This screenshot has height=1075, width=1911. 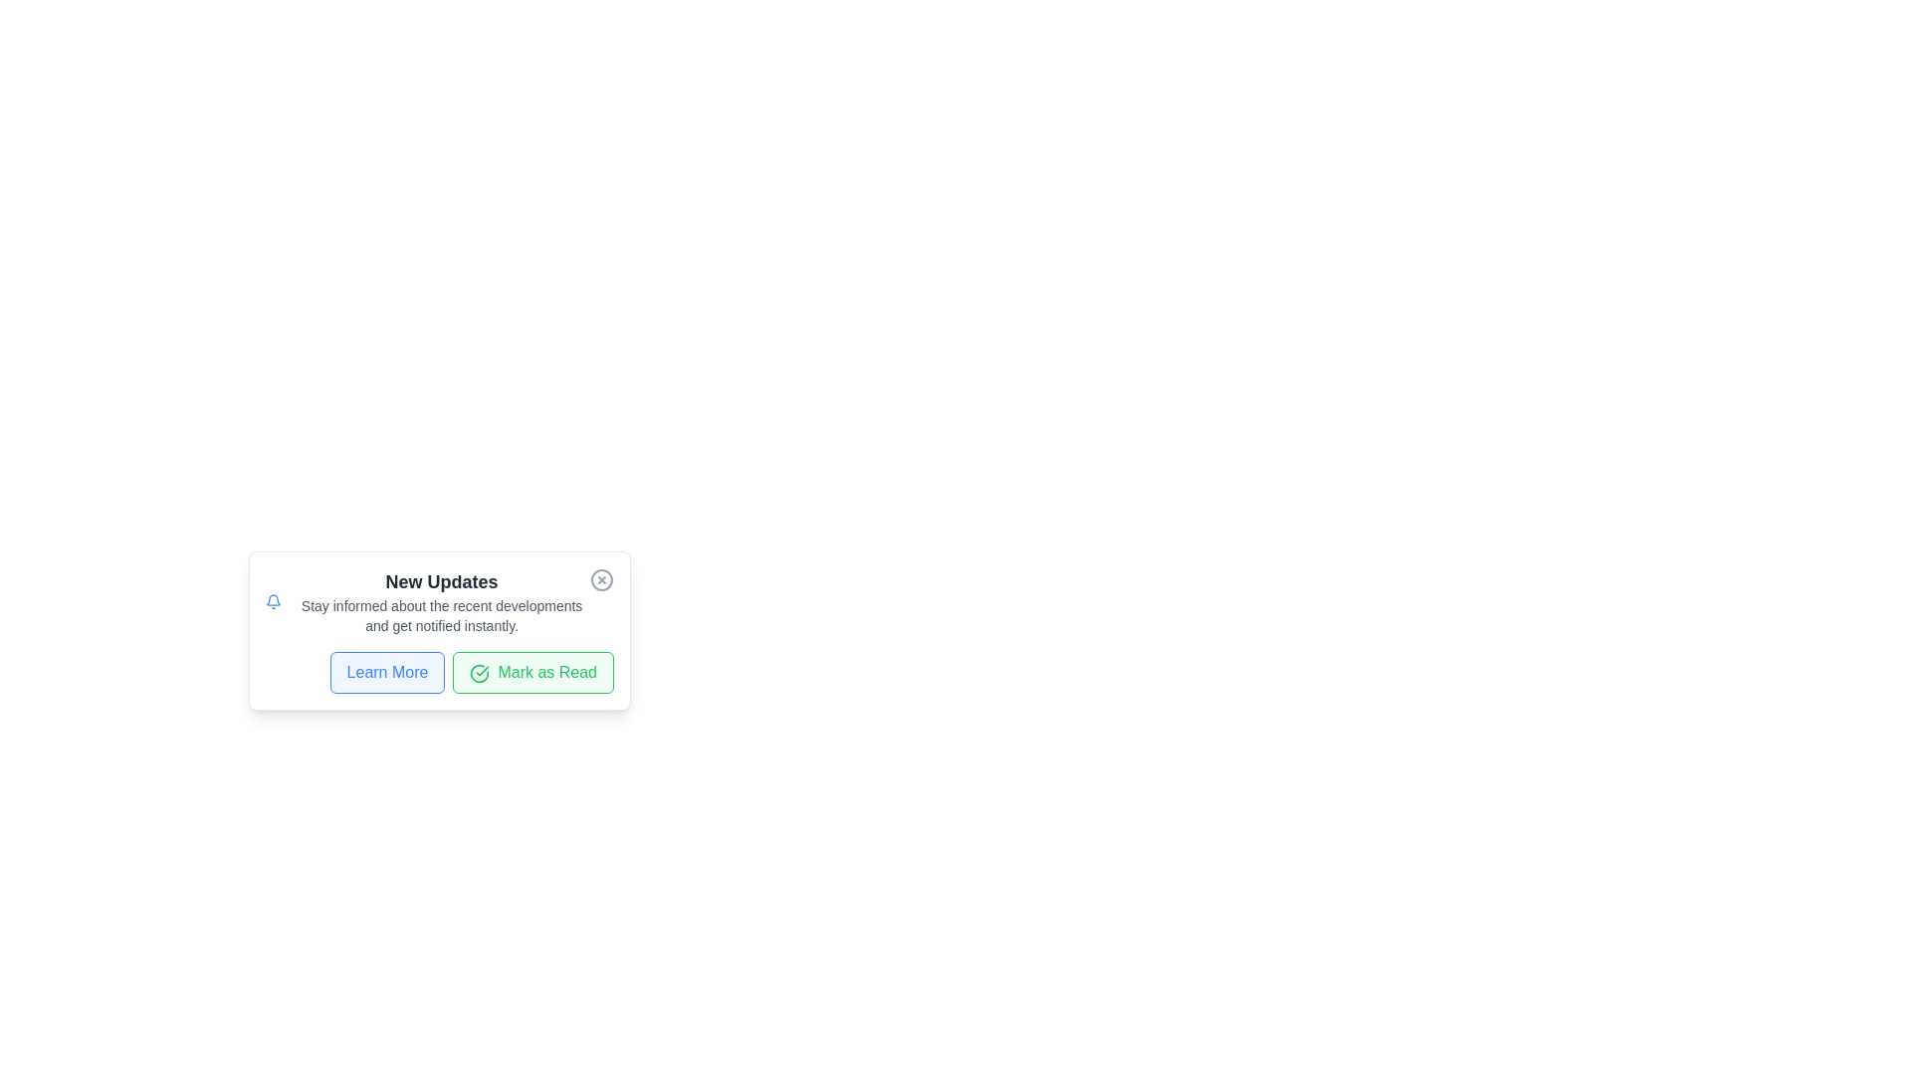 What do you see at coordinates (273, 601) in the screenshot?
I see `the bell icon located at the top-left corner of the notification card titled 'New Updates' to indicate notifications or alerts` at bounding box center [273, 601].